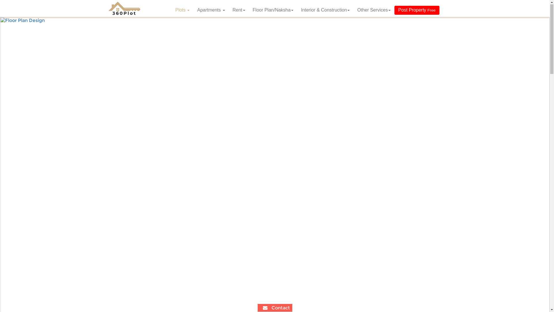 Image resolution: width=554 pixels, height=312 pixels. What do you see at coordinates (273, 10) in the screenshot?
I see `'Floor Plan/Naksha'` at bounding box center [273, 10].